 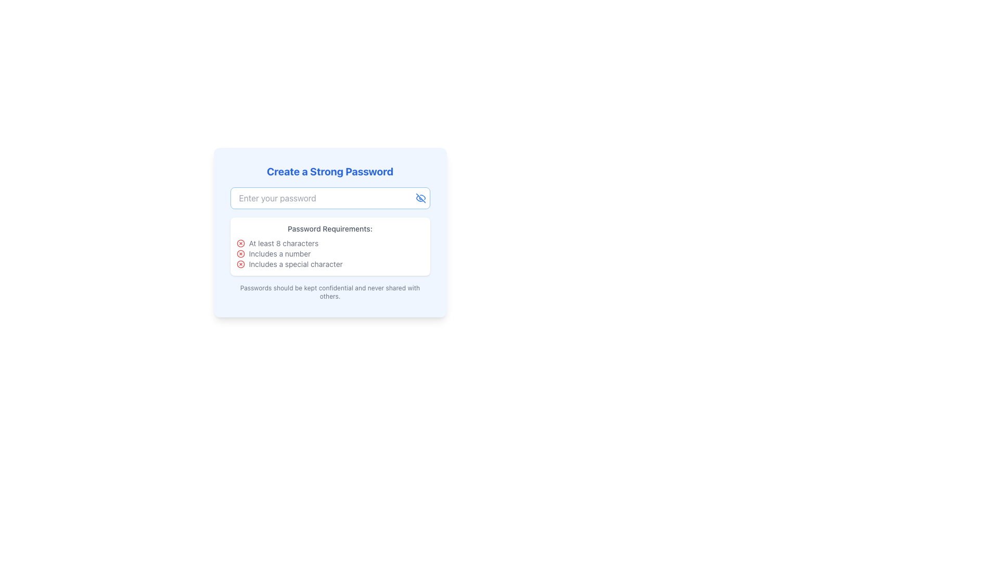 What do you see at coordinates (420, 198) in the screenshot?
I see `the visibility toggle icon, which is an eye icon with a line through it` at bounding box center [420, 198].